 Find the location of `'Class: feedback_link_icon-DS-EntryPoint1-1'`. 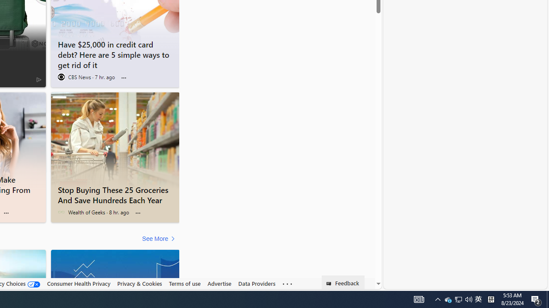

'Class: feedback_link_icon-DS-EntryPoint1-1' is located at coordinates (330, 284).